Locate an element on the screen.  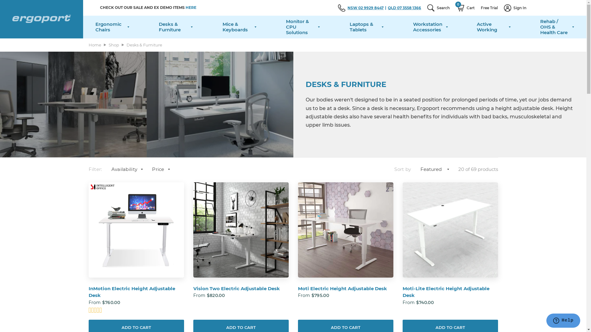
'Rehab / OHS & Health Care' is located at coordinates (557, 27).